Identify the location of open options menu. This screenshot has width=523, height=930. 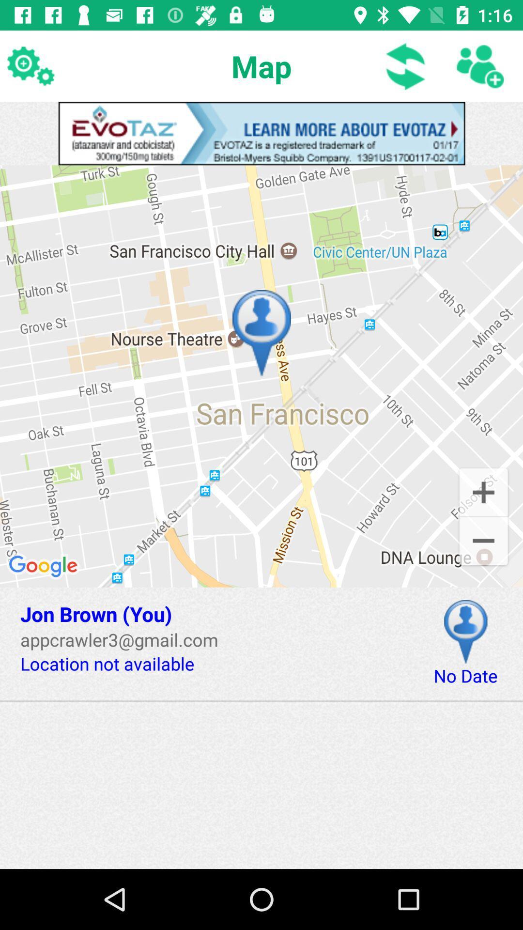
(30, 65).